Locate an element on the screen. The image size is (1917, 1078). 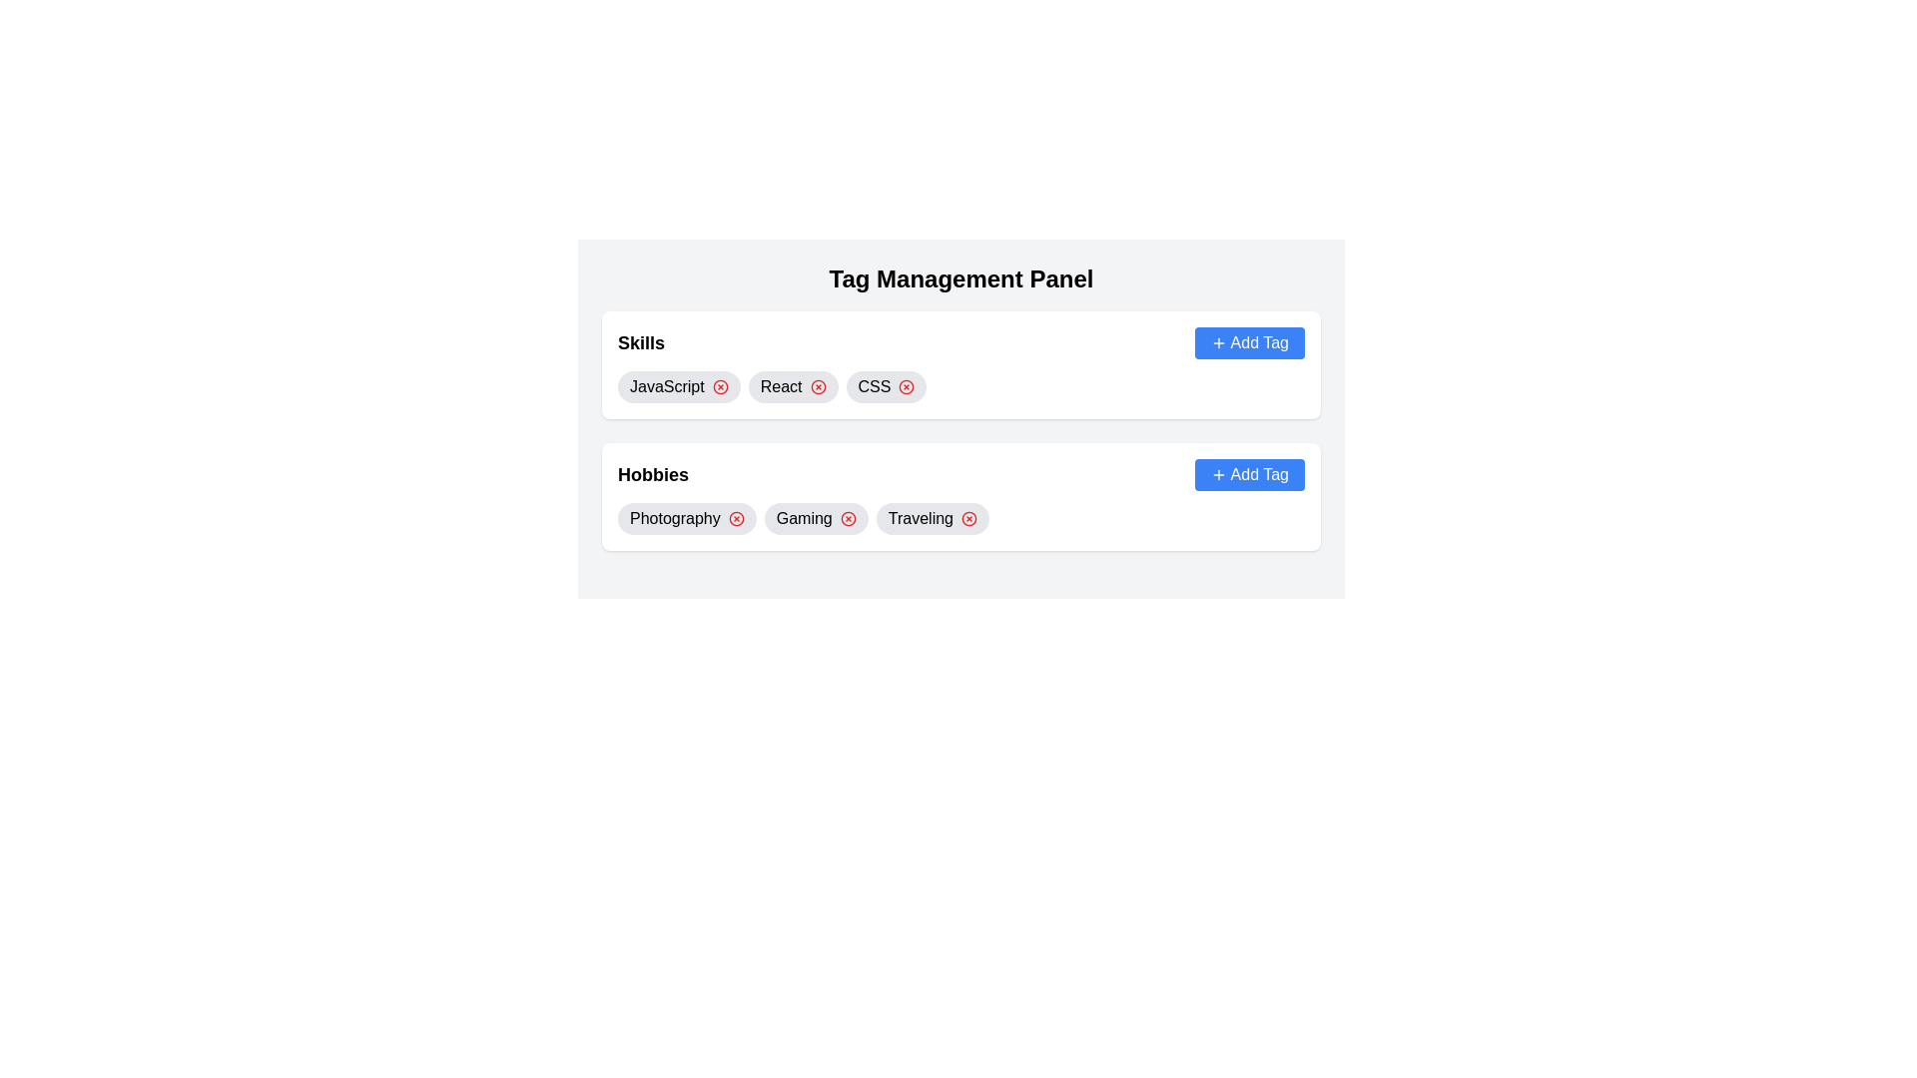
the outer circle of the 'Traveling' tag in the Hobbies section, which visually represents a close icon for removing the tag is located at coordinates (968, 518).